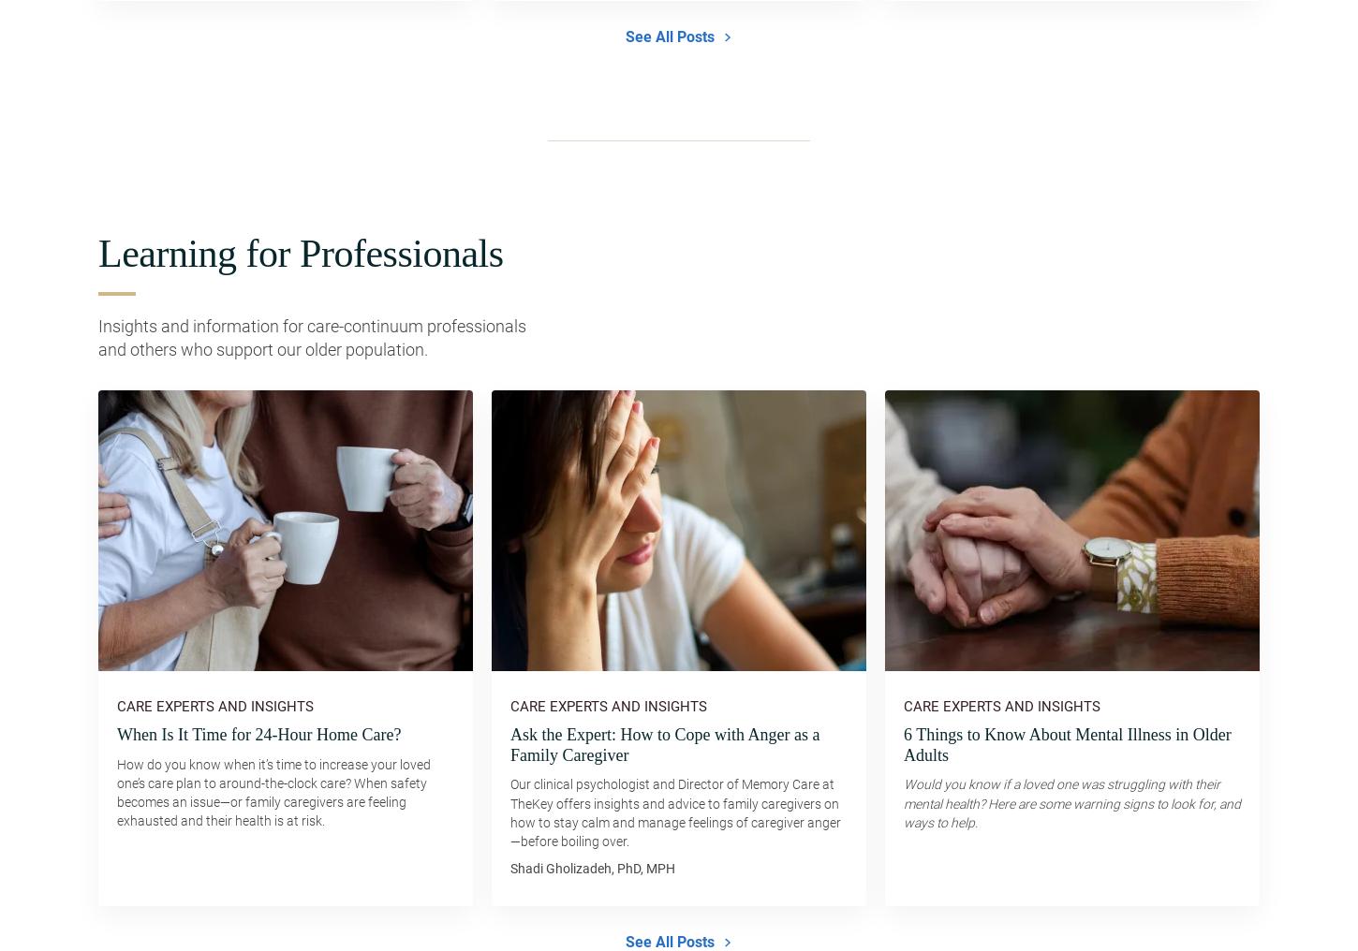 This screenshot has width=1358, height=951. Describe the element at coordinates (258, 733) in the screenshot. I see `'When Is It Time for 24-Hour Home Care?'` at that location.